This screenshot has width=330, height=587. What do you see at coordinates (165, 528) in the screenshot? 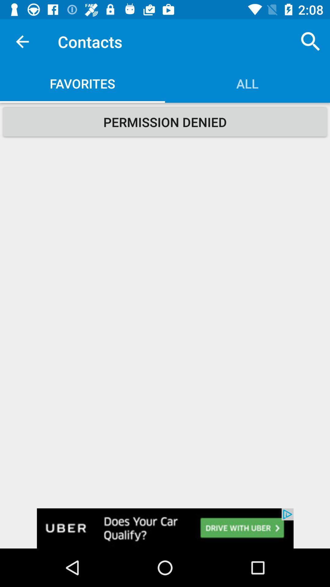
I see `open` at bounding box center [165, 528].